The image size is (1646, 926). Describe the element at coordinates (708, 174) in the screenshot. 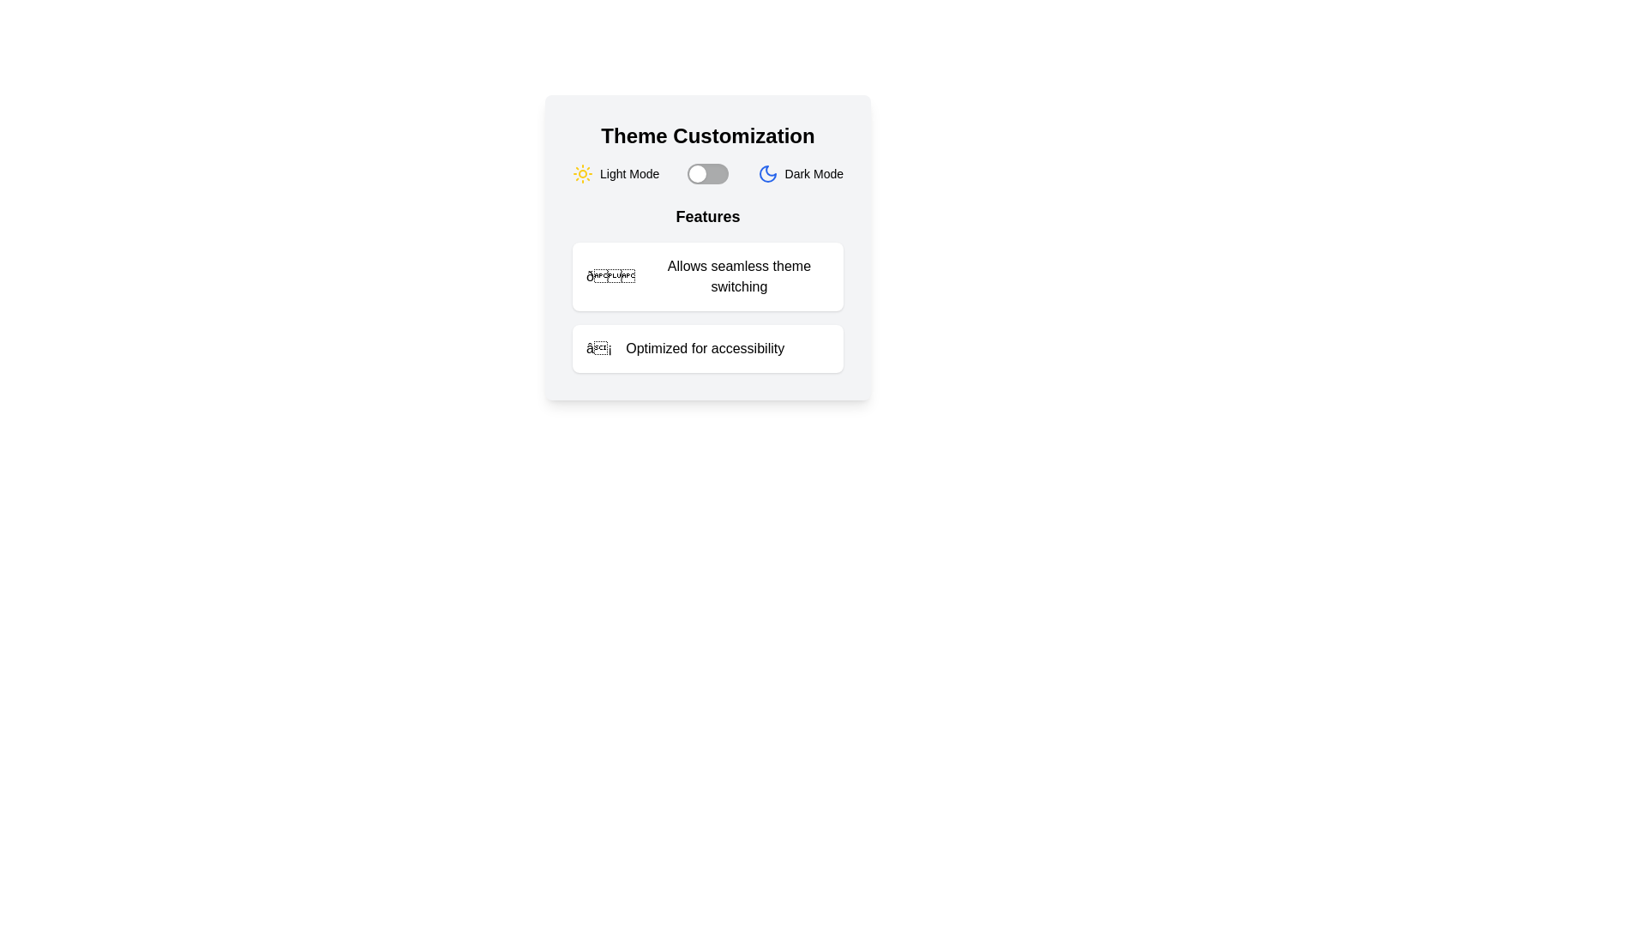

I see `the toggle switch located in the 'Theme Customization' section to switch the mode` at that location.